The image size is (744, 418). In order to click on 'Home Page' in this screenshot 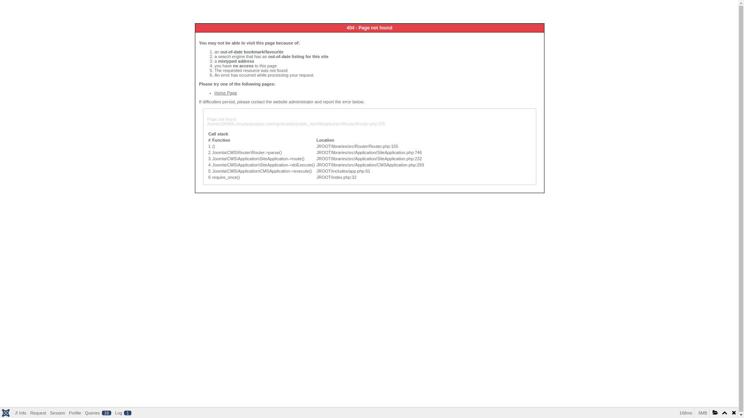, I will do `click(214, 92)`.